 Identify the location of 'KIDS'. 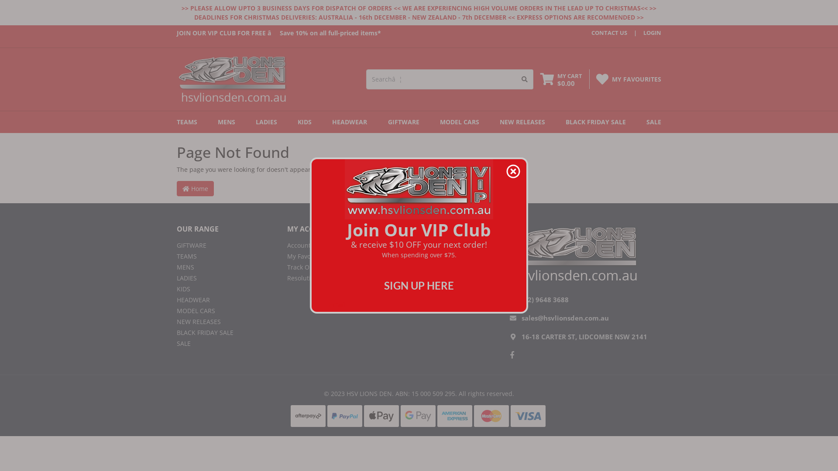
(304, 122).